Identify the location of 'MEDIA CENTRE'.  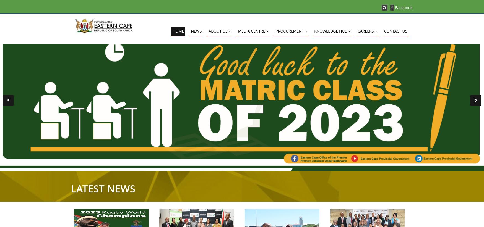
(238, 31).